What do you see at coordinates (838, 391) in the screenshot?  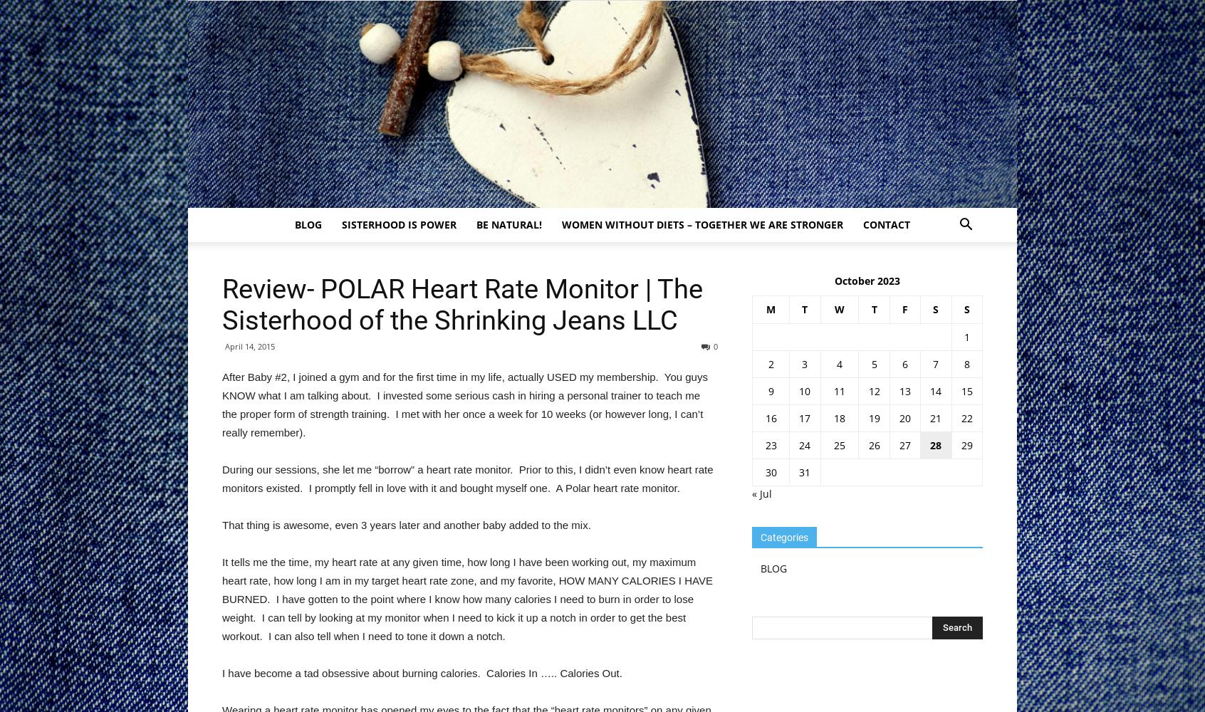 I see `'11'` at bounding box center [838, 391].